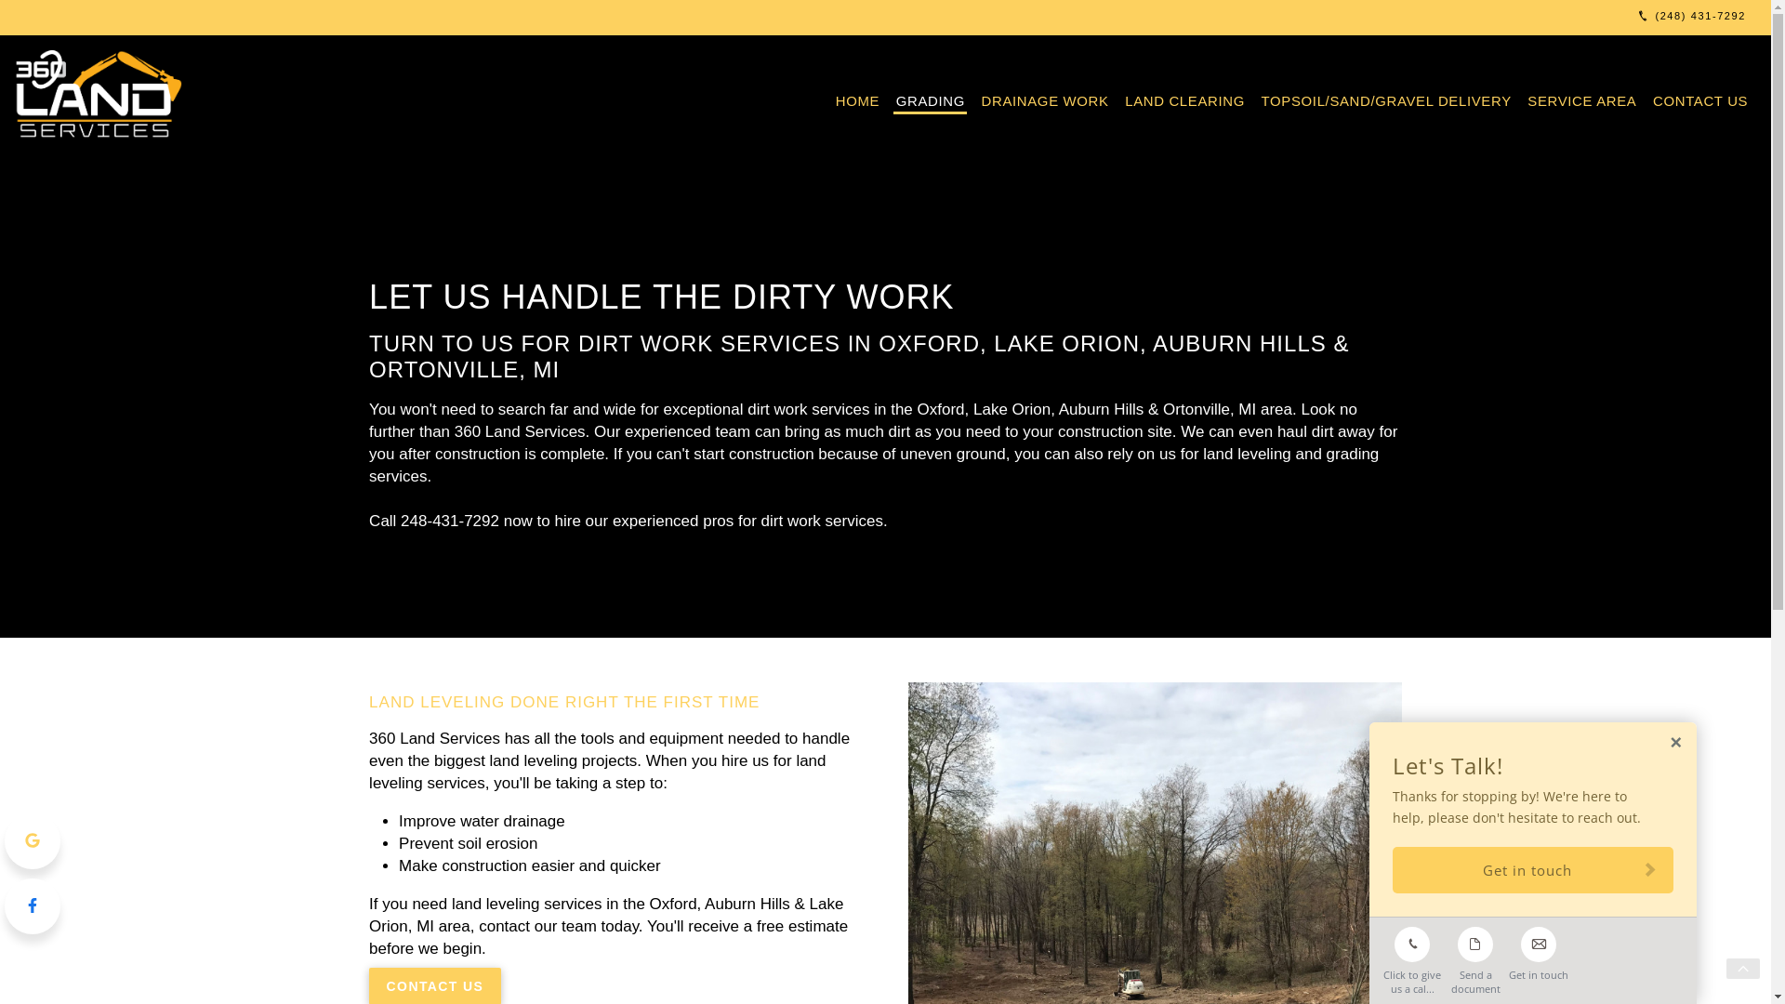 This screenshot has height=1004, width=1785. Describe the element at coordinates (1474, 957) in the screenshot. I see `'Send a document'` at that location.